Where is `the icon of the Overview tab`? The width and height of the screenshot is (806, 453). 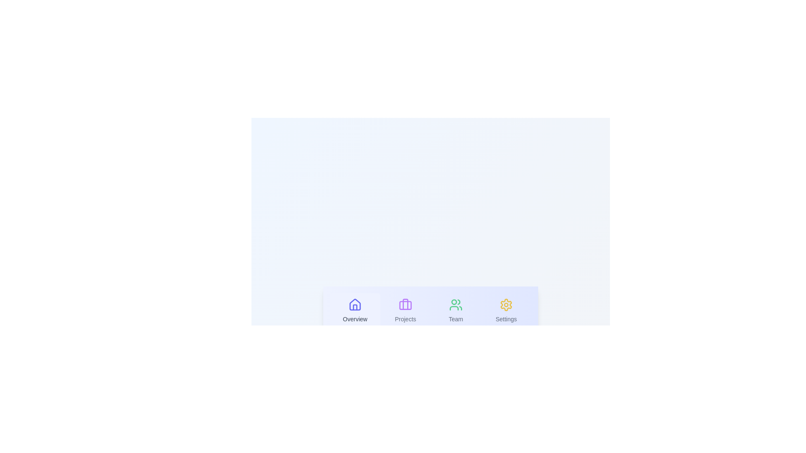
the icon of the Overview tab is located at coordinates (355, 305).